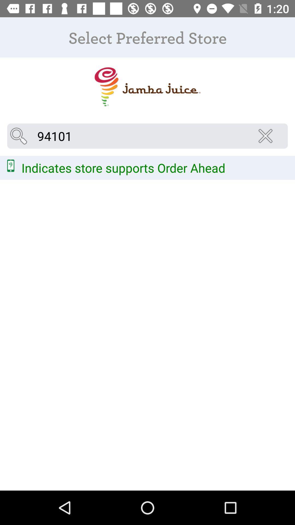 This screenshot has width=295, height=525. I want to click on delete, so click(267, 136).